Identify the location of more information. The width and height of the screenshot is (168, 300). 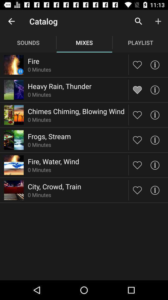
(154, 165).